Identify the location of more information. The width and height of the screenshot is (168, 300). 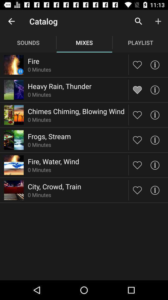
(154, 165).